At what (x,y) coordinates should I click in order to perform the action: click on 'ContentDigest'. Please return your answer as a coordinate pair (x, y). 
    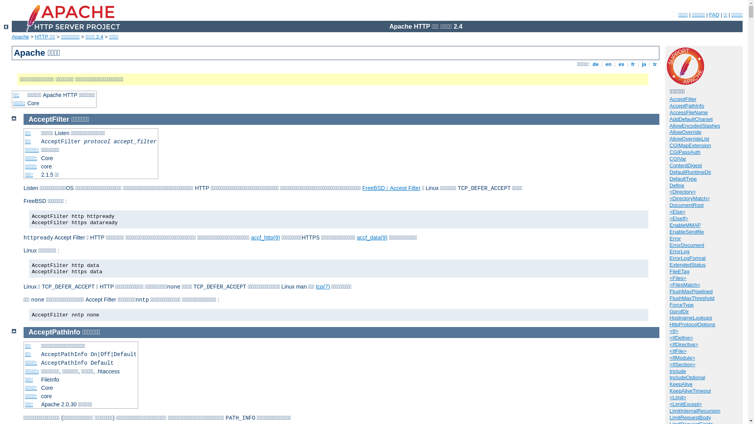
    Looking at the image, I should click on (685, 165).